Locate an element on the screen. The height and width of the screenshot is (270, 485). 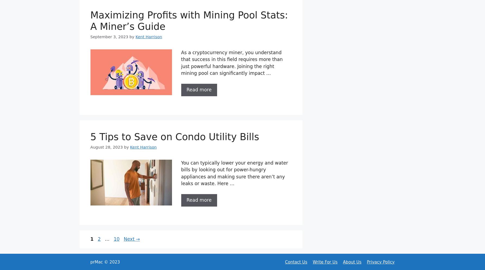
'As a cryptocurrency miner, you understand that success in this field requires more than just powerful hardware. Joining the right mining pool can significantly impact …' is located at coordinates (232, 62).